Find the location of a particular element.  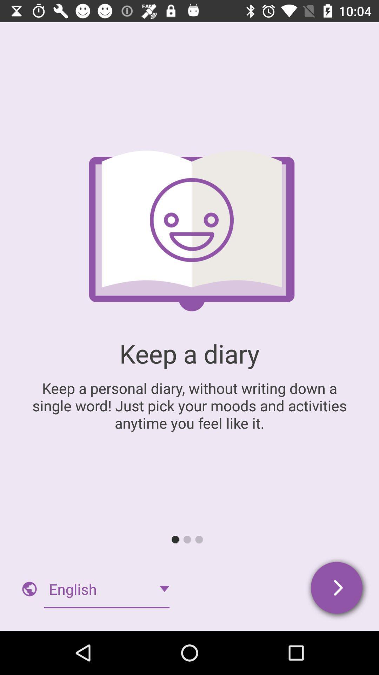

internet option is located at coordinates (29, 589).